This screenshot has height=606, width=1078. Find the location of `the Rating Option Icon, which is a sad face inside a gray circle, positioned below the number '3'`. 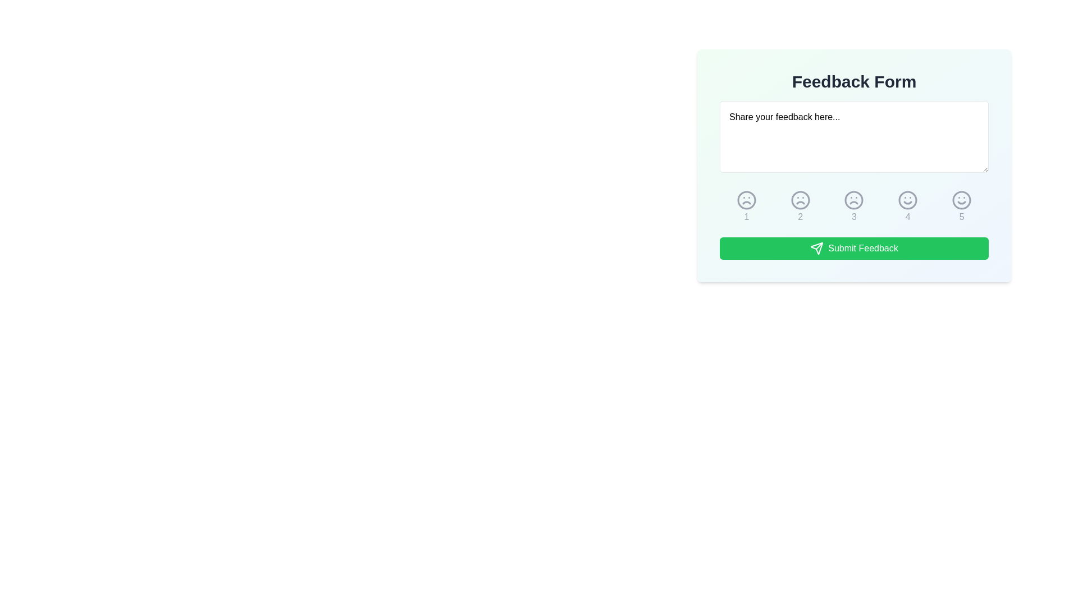

the Rating Option Icon, which is a sad face inside a gray circle, positioned below the number '3' is located at coordinates (853, 207).